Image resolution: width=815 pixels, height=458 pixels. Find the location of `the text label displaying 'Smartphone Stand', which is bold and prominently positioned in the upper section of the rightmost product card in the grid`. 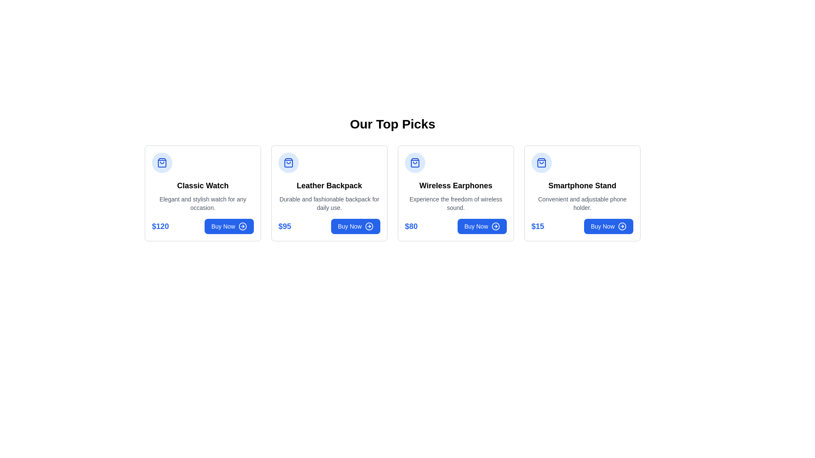

the text label displaying 'Smartphone Stand', which is bold and prominently positioned in the upper section of the rightmost product card in the grid is located at coordinates (582, 185).